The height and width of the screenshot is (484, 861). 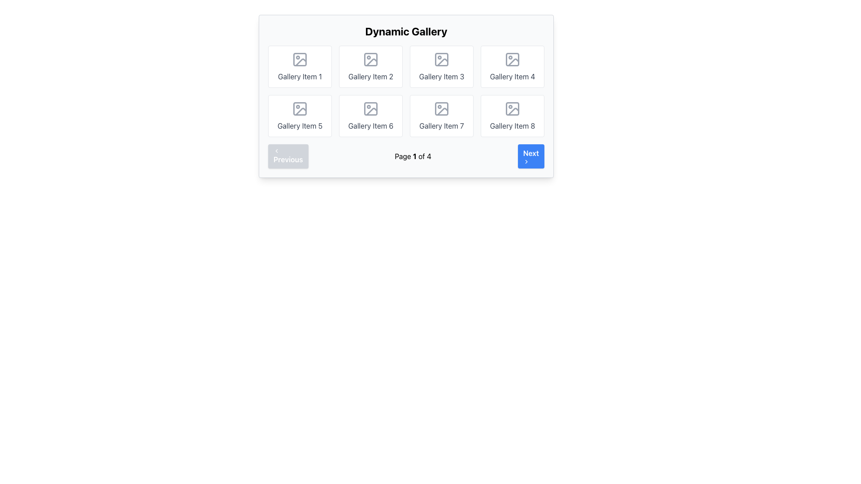 What do you see at coordinates (512, 115) in the screenshot?
I see `the rectangular card labeled 'Gallery Item 8' located in the bottom-right corner of the grid layout` at bounding box center [512, 115].